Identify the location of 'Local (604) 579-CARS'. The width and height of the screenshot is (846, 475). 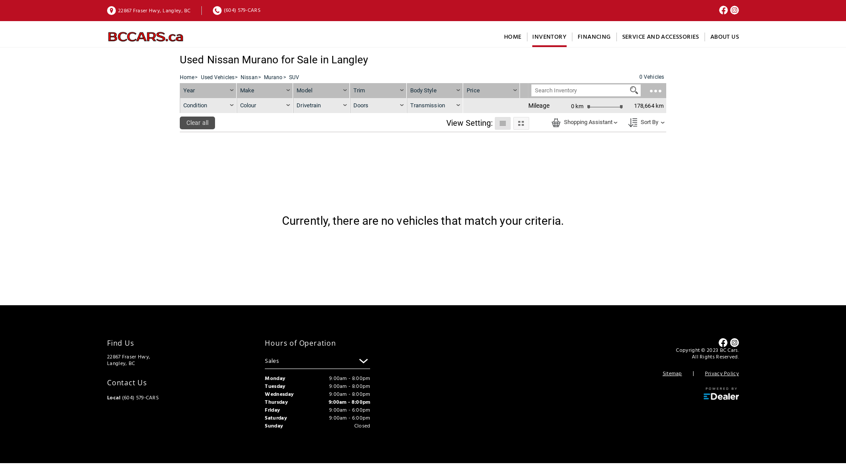
(132, 398).